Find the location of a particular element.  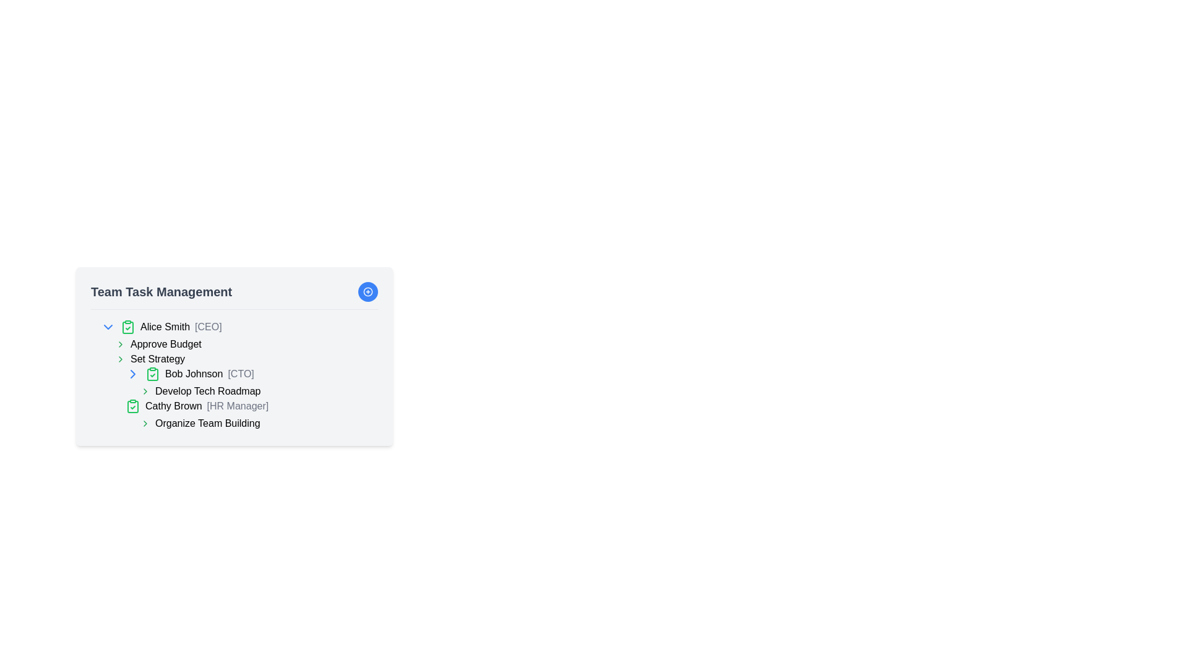

the 'Set Strategy' option within the collapsible list under the 'Alice Smith [CEO]' category is located at coordinates (239, 352).